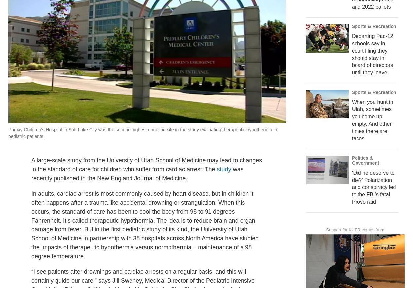 The width and height of the screenshot is (413, 288). Describe the element at coordinates (146, 179) in the screenshot. I see `'A large-scale study from the University of Utah School of Medicine may lead to changes in the standard of care for children who suffer from cardiac arrest. The'` at that location.